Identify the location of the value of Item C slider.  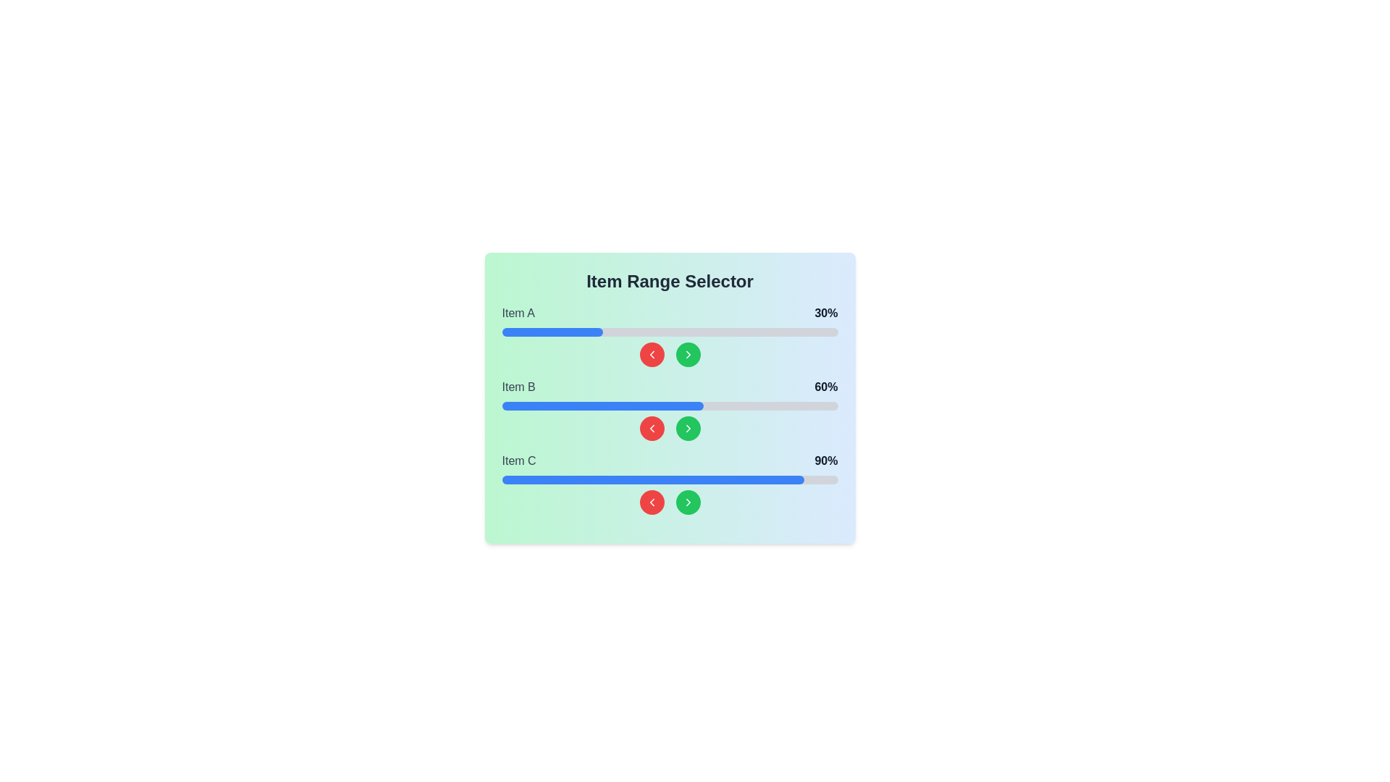
(689, 480).